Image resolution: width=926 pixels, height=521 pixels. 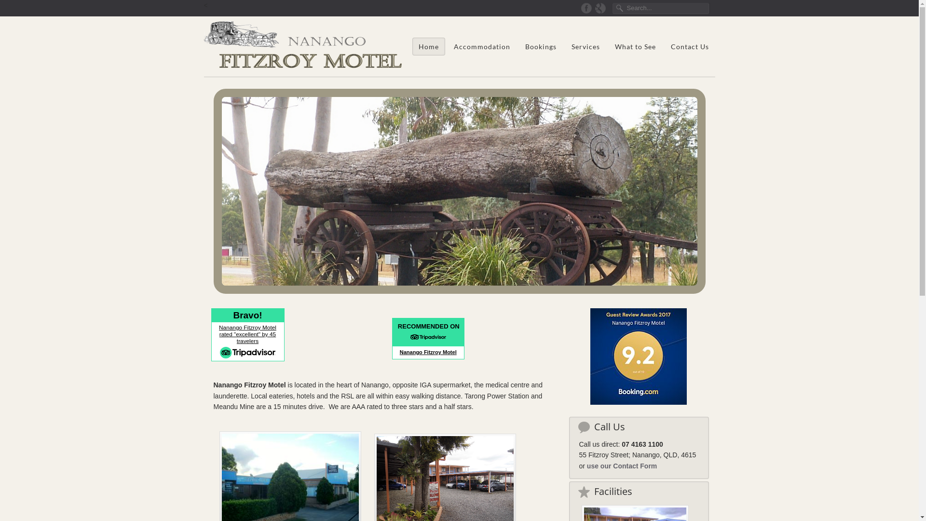 What do you see at coordinates (689, 46) in the screenshot?
I see `'Contact Us'` at bounding box center [689, 46].